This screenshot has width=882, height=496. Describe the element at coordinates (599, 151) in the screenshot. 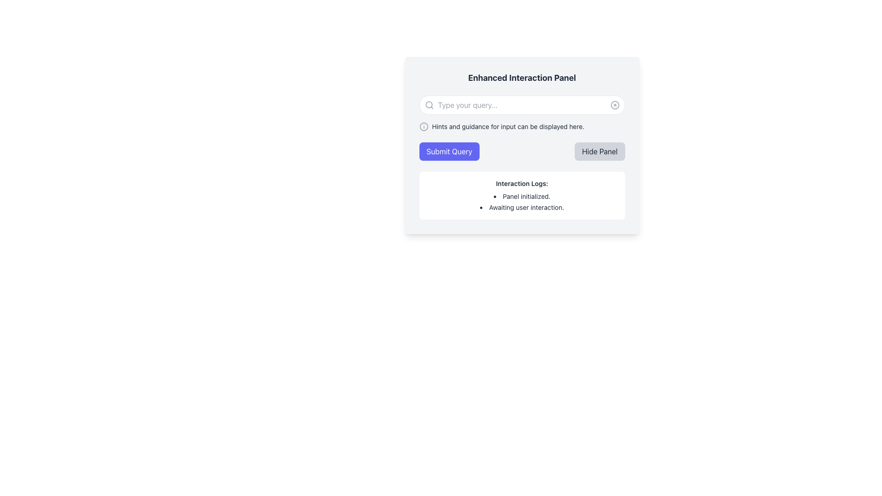

I see `the rightmost button in the top section of the interface to hide the currently displayed panel` at that location.